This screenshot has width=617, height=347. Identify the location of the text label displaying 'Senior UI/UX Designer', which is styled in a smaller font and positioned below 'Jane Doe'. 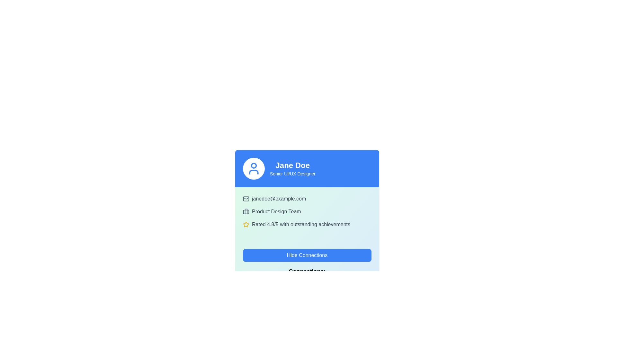
(292, 173).